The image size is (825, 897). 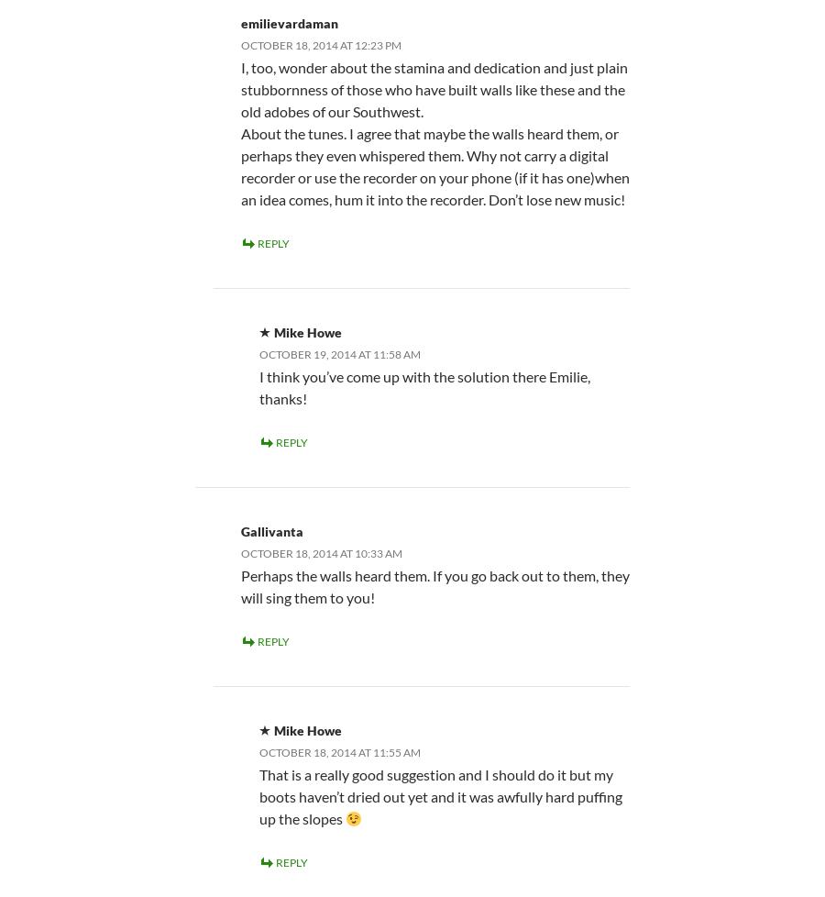 What do you see at coordinates (258, 385) in the screenshot?
I see `'I think you’ve come up with the solution there Emilie, thanks!'` at bounding box center [258, 385].